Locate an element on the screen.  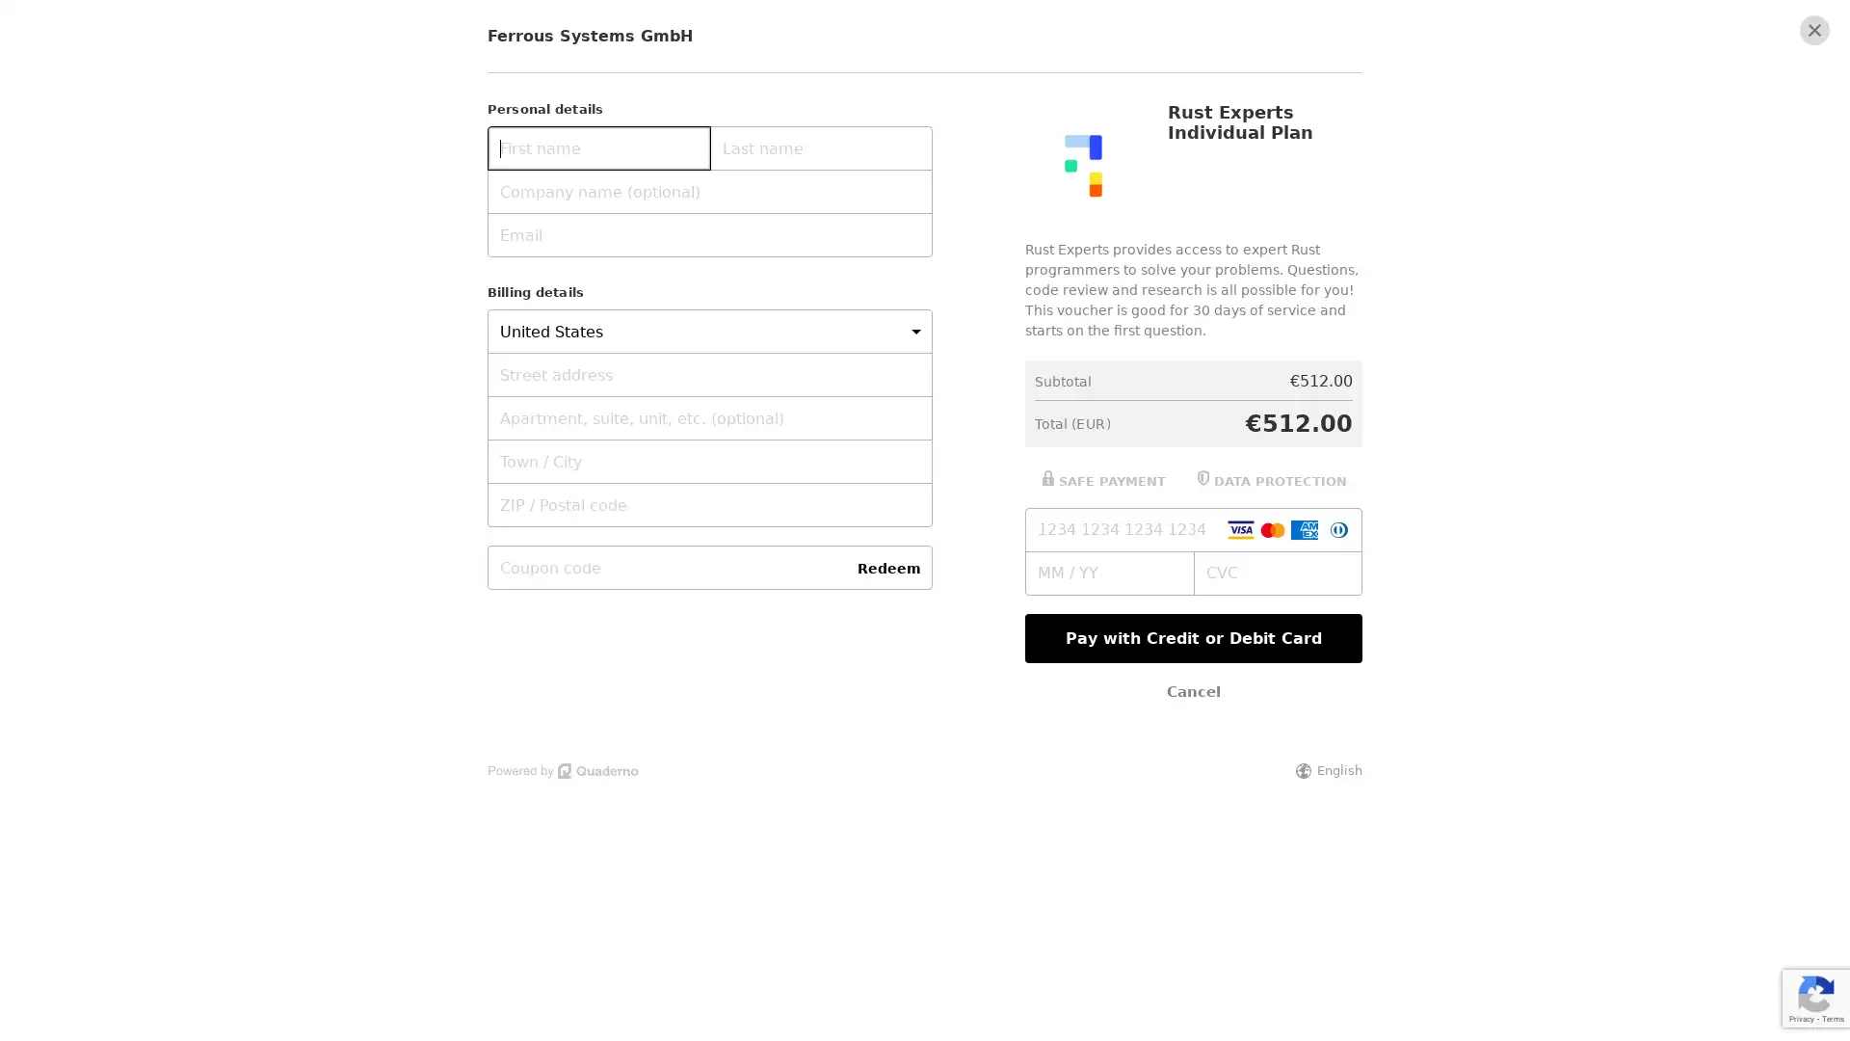
Pay with Credit or Debit Card is located at coordinates (1192, 638).